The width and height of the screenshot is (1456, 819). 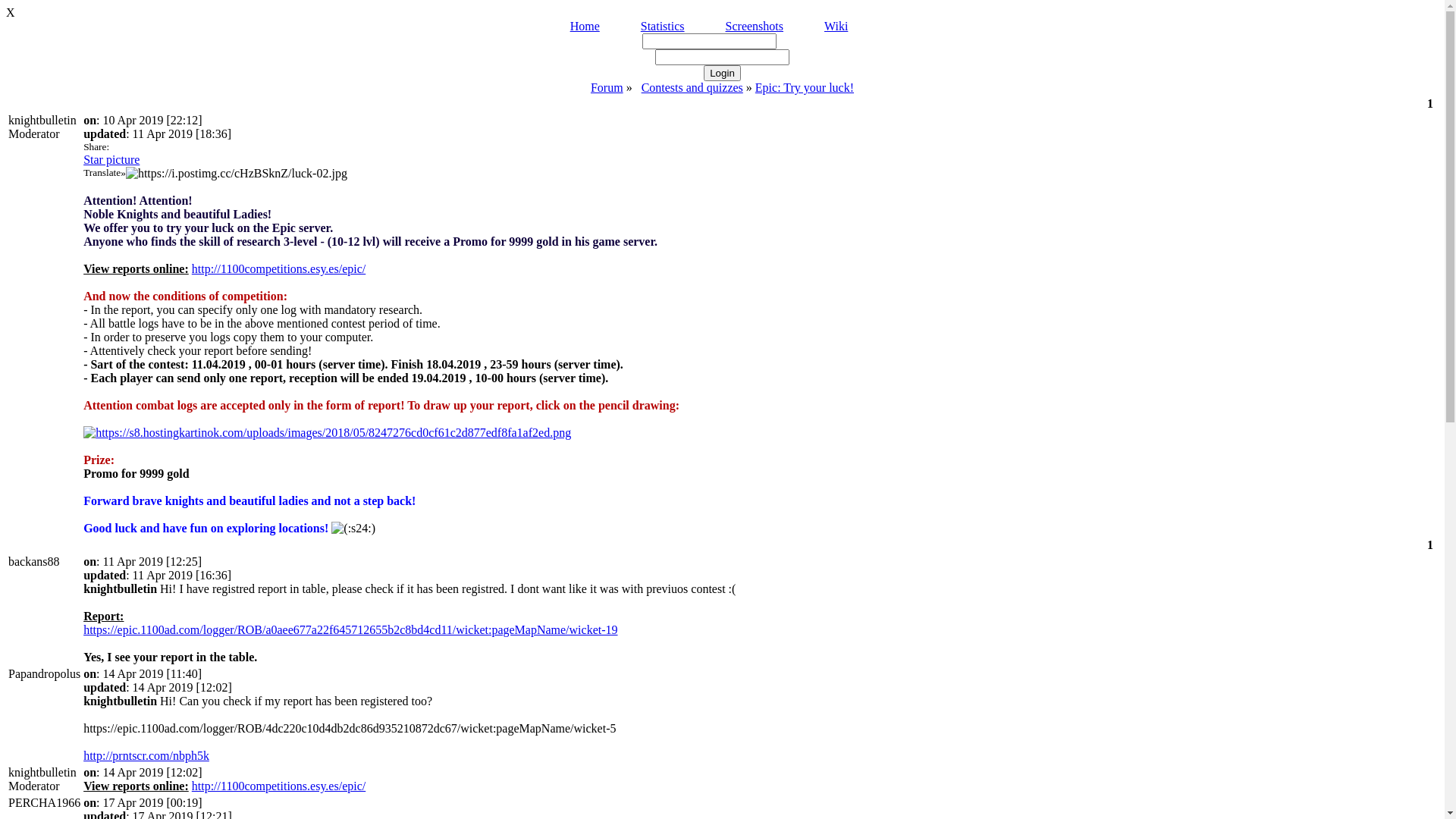 What do you see at coordinates (6, 12) in the screenshot?
I see `'X'` at bounding box center [6, 12].